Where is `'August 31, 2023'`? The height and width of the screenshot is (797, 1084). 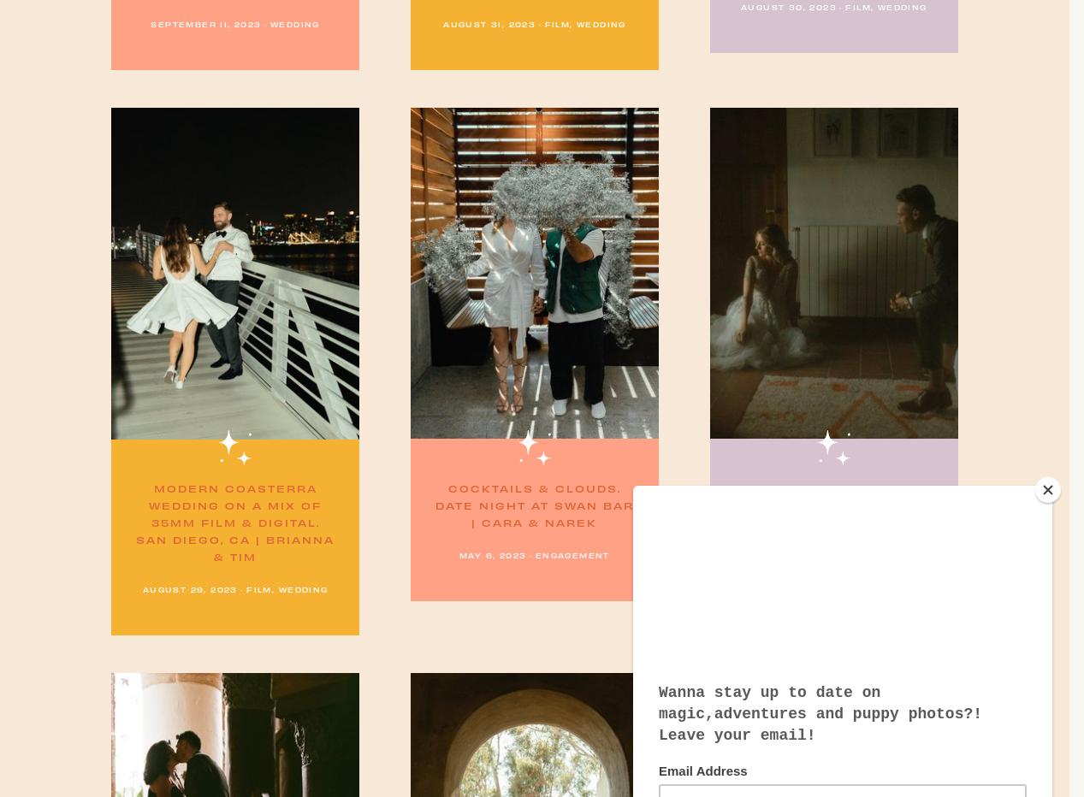 'August 31, 2023' is located at coordinates (489, 23).